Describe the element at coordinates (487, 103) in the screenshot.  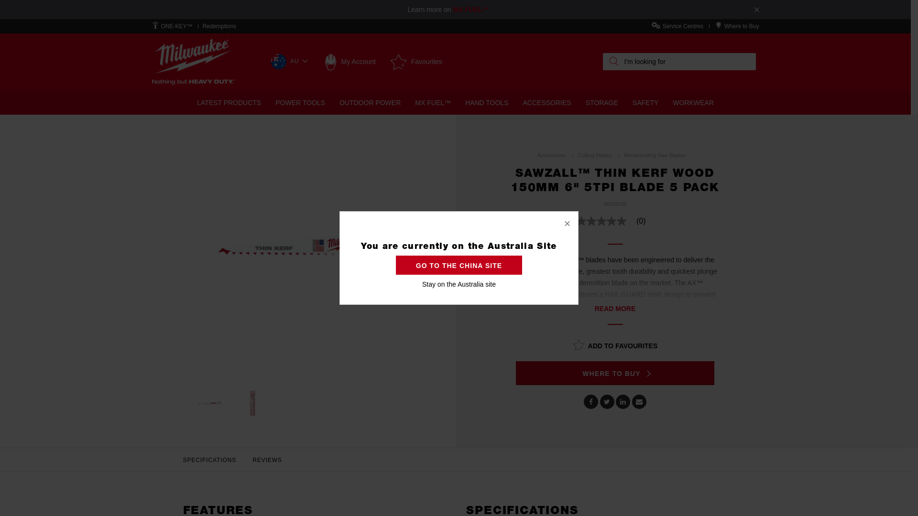
I see `'HAND TOOLS'` at that location.